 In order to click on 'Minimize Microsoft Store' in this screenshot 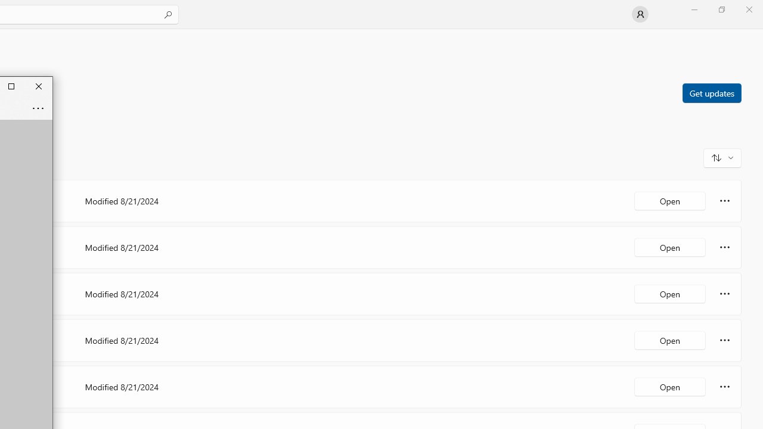, I will do `click(694, 9)`.